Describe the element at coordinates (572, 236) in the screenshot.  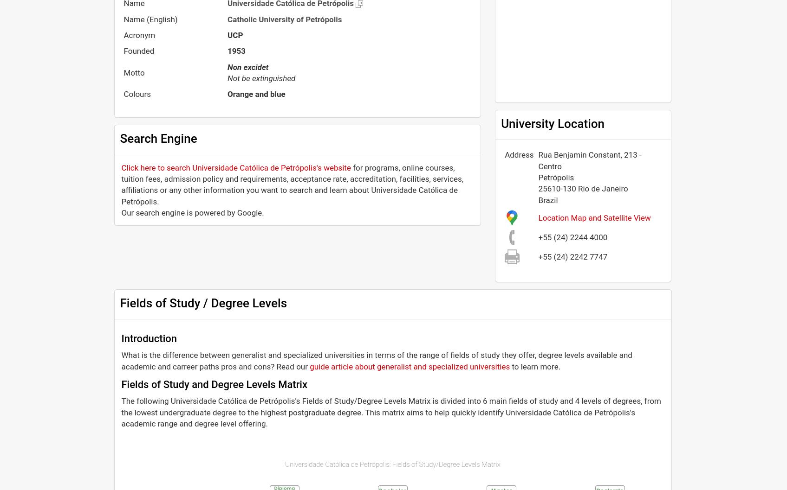
I see `'+55 (24) 2244 4000'` at that location.